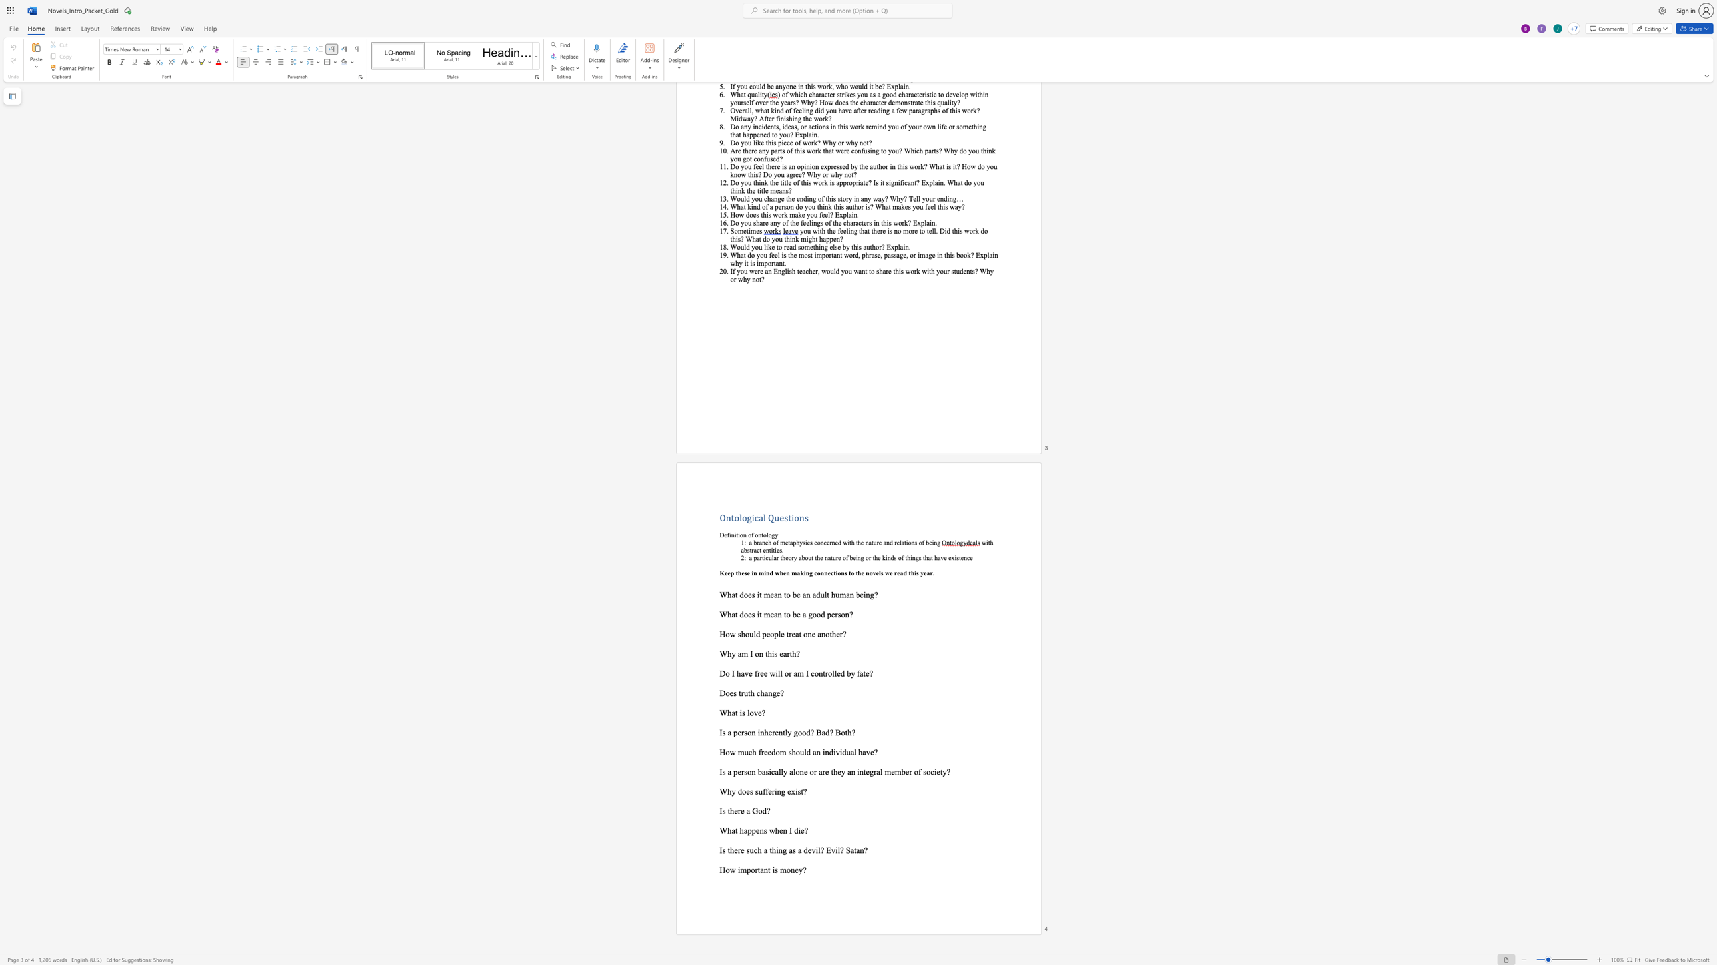 Image resolution: width=1717 pixels, height=965 pixels. I want to click on the space between the continuous character "y" and "?" in the text, so click(946, 771).